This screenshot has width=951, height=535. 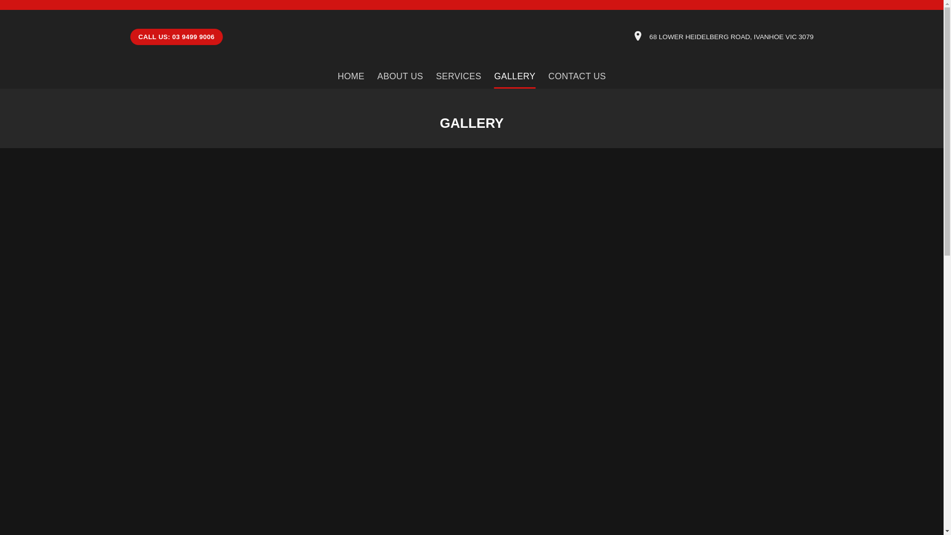 What do you see at coordinates (351, 76) in the screenshot?
I see `'HOME'` at bounding box center [351, 76].